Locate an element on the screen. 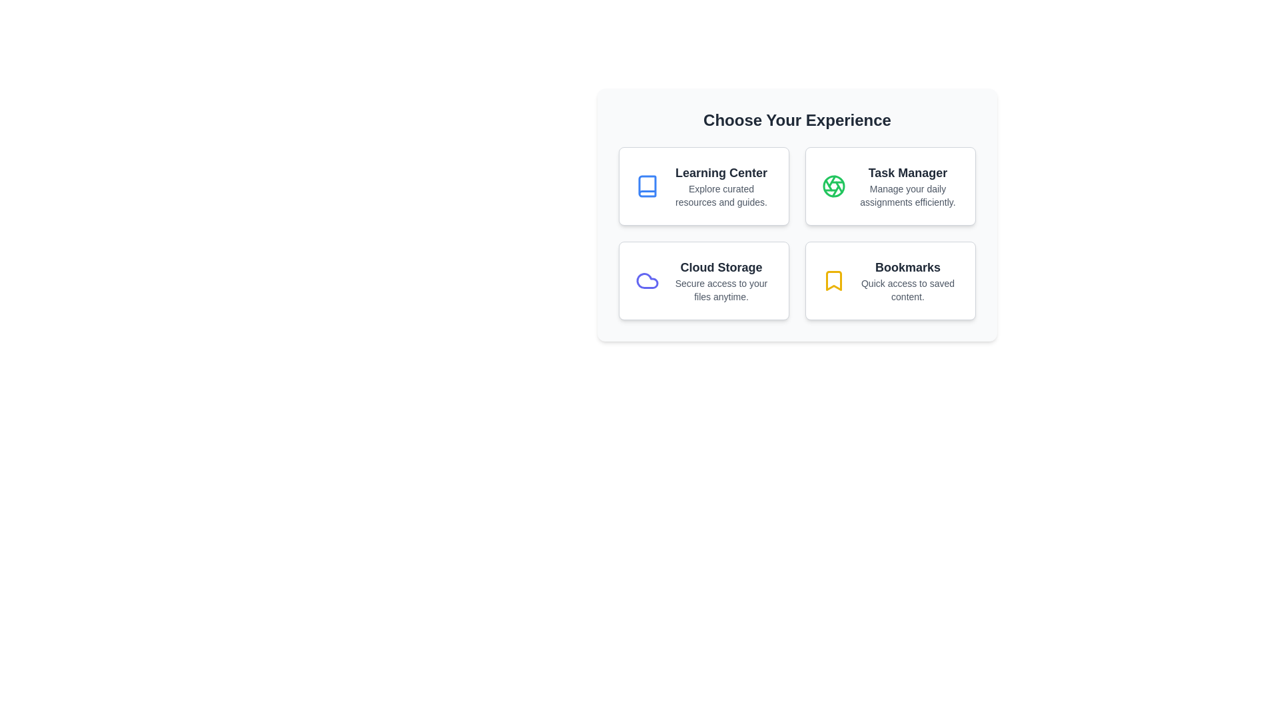  the 'Cloud Storage' text label, which is a bold, large font in dark gray on a white background, located at the bottom left of the 2x2 grid of options is located at coordinates (721, 267).